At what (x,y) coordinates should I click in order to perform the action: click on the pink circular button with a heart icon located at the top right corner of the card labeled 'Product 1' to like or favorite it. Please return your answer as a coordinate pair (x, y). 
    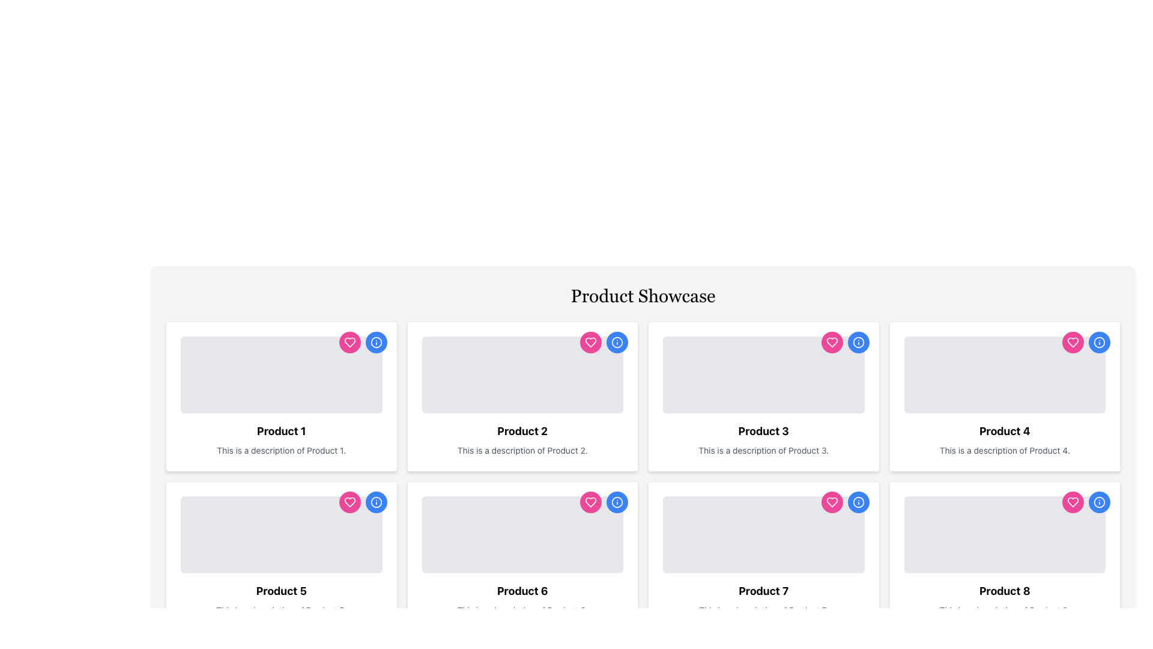
    Looking at the image, I should click on (362, 343).